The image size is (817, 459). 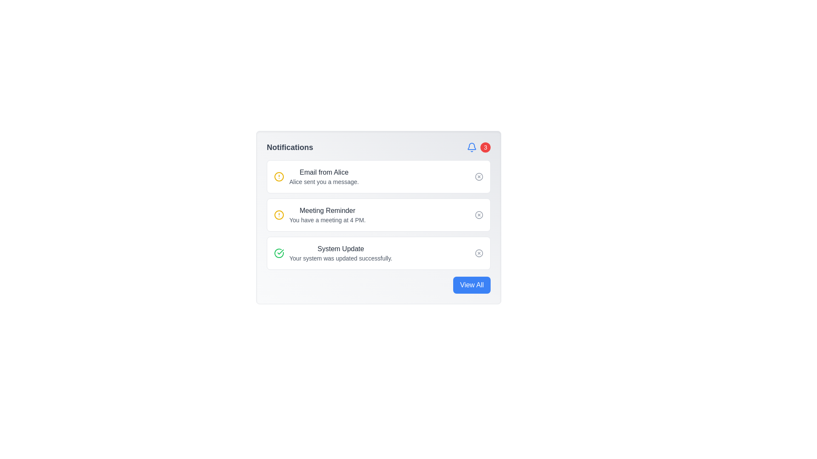 I want to click on notification message text located in the third notification item of the notification panel, positioned to the right of a green checkmark icon and above a 'close' button, so click(x=341, y=253).